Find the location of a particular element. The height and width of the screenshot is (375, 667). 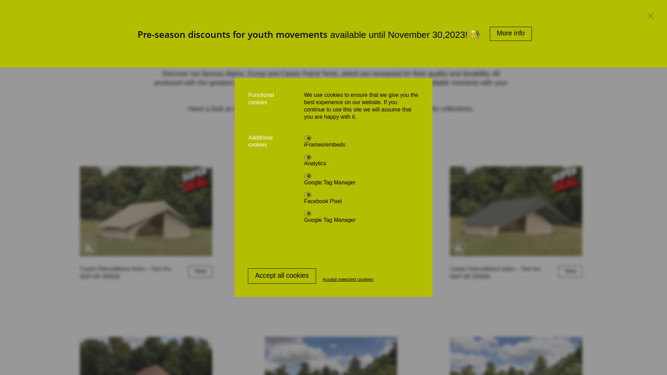

'Accept all cookies' is located at coordinates (282, 275).